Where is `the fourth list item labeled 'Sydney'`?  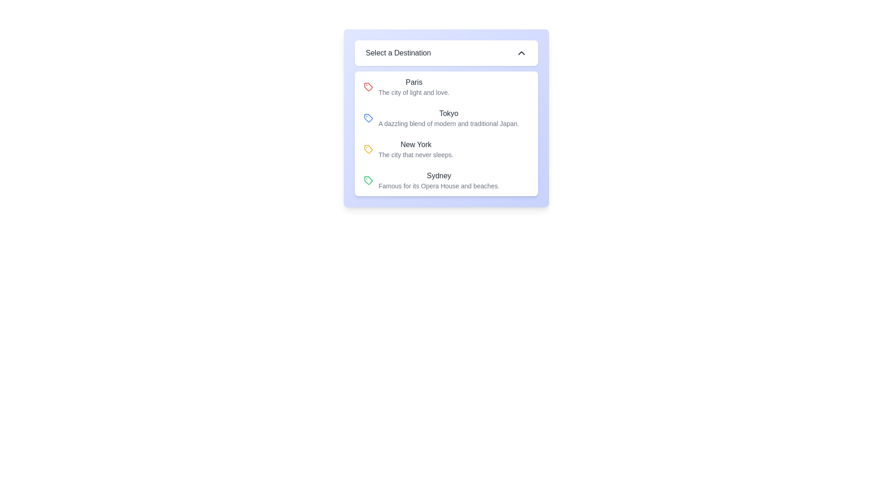 the fourth list item labeled 'Sydney' is located at coordinates (446, 180).